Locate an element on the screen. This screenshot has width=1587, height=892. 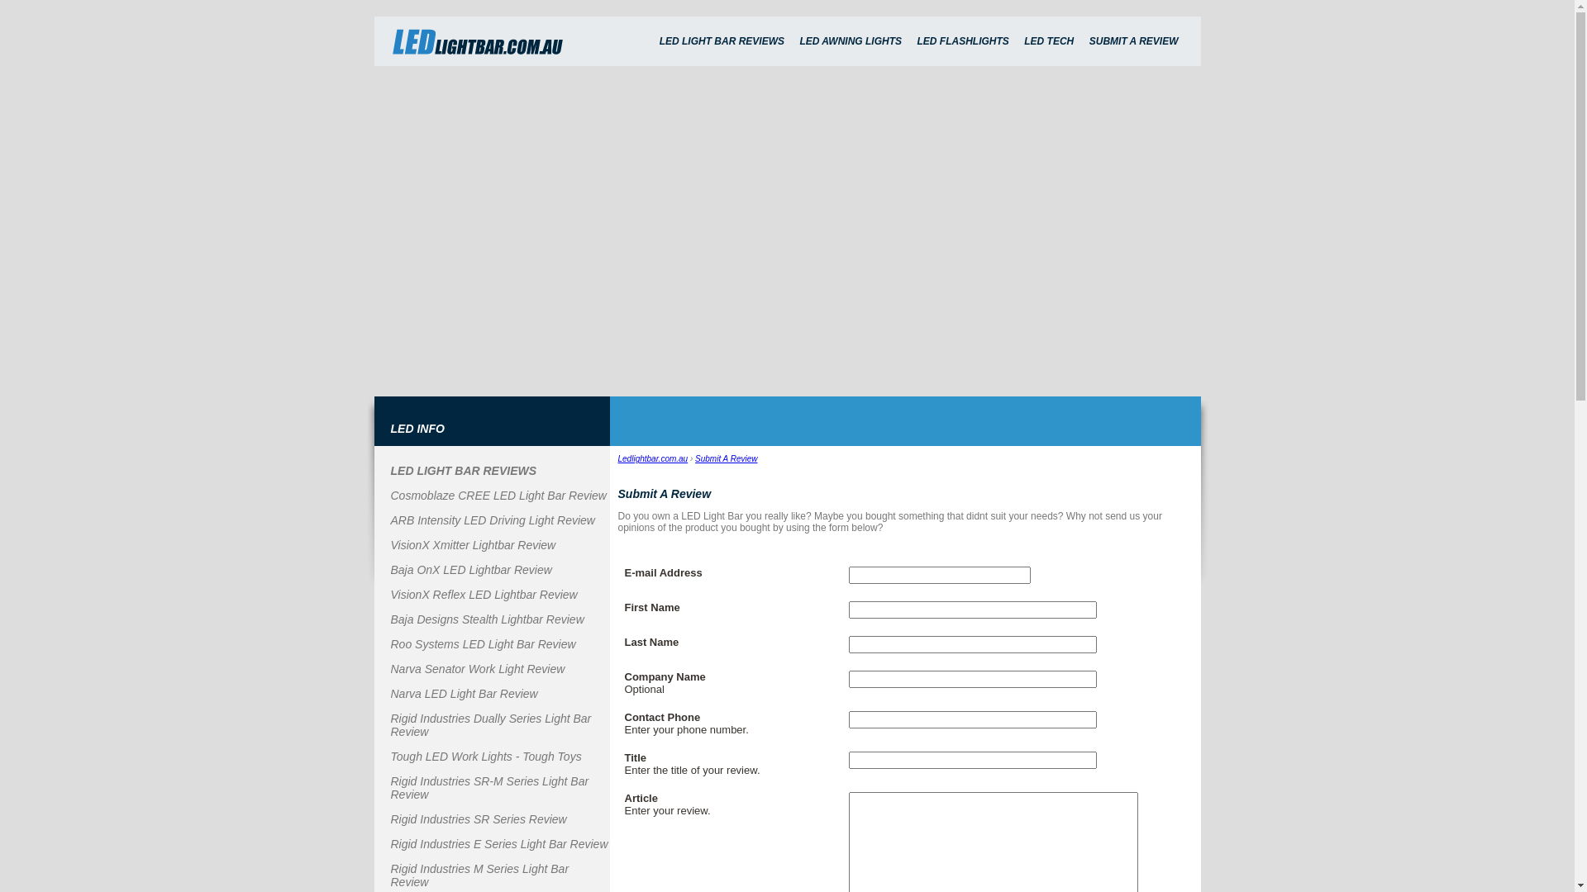
'LED FLASHLIGHTS' is located at coordinates (910, 40).